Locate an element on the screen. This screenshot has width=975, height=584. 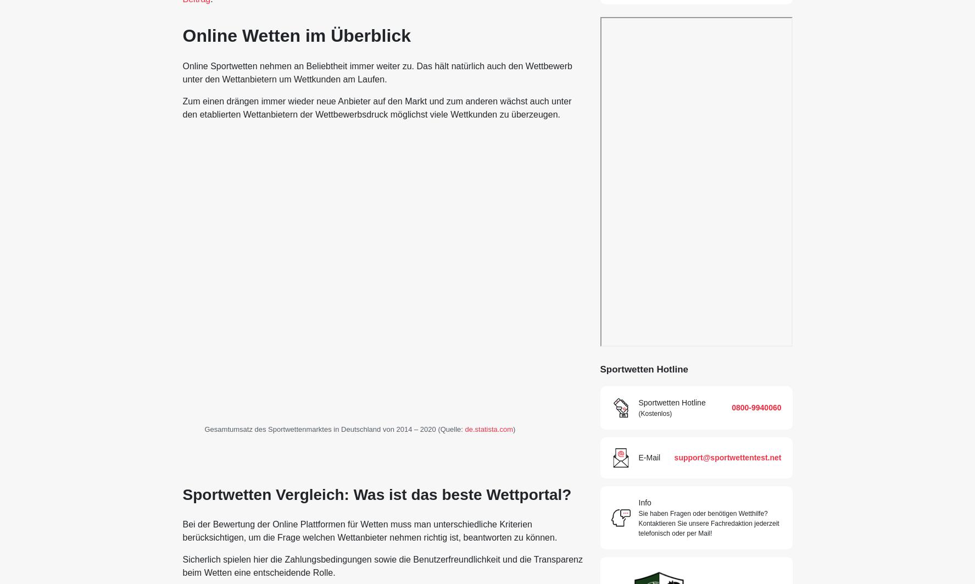
')' is located at coordinates (514, 428).